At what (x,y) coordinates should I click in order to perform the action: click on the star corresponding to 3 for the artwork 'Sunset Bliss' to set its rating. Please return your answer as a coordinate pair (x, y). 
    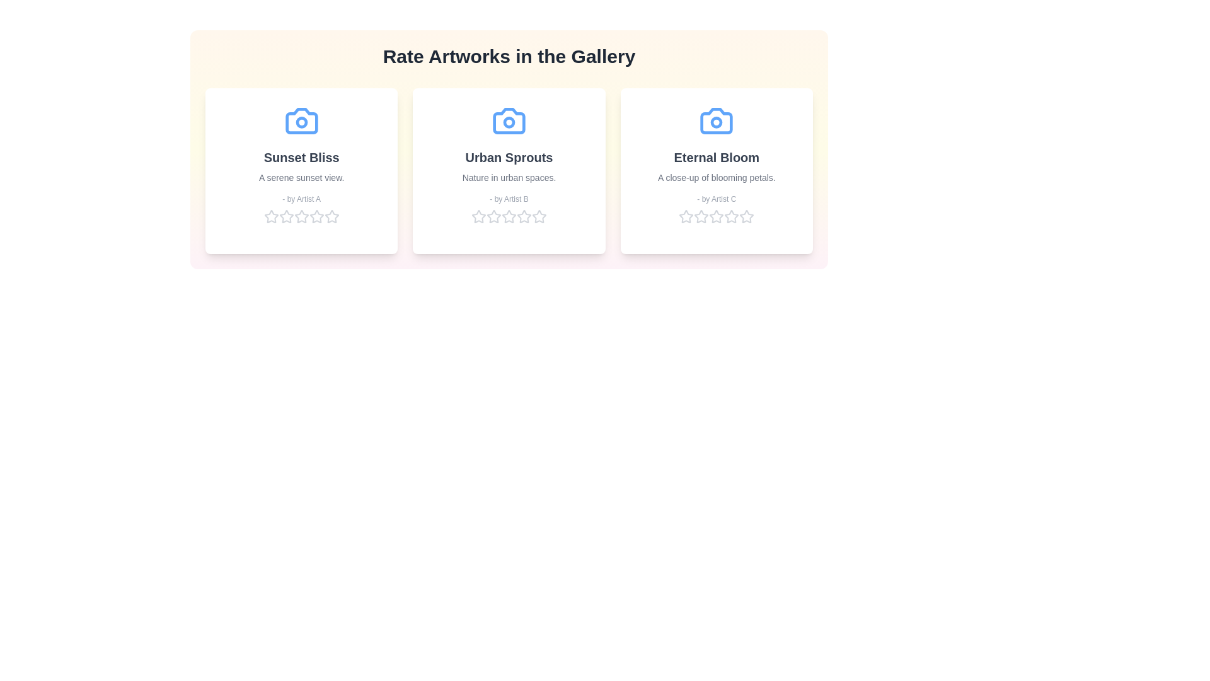
    Looking at the image, I should click on (301, 216).